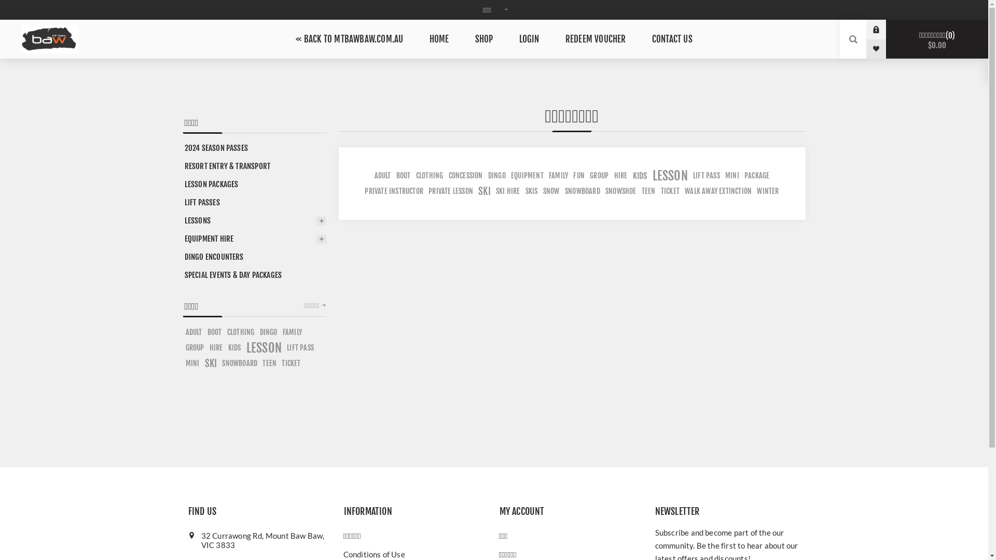 The height and width of the screenshot is (560, 996). Describe the element at coordinates (216, 348) in the screenshot. I see `'HIRE'` at that location.